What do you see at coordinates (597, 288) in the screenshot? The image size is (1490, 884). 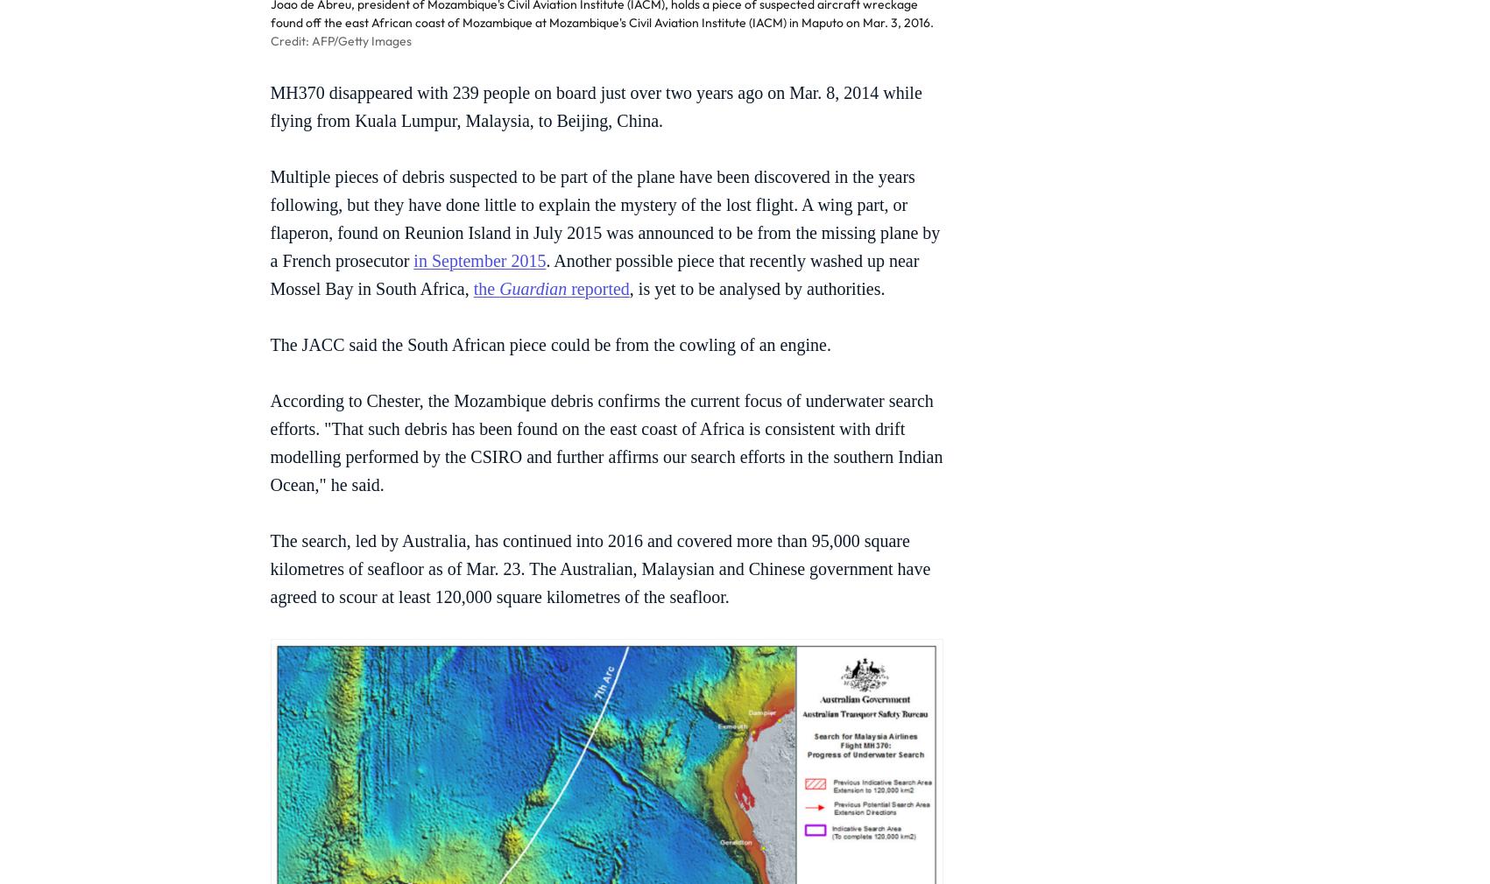 I see `'reported'` at bounding box center [597, 288].